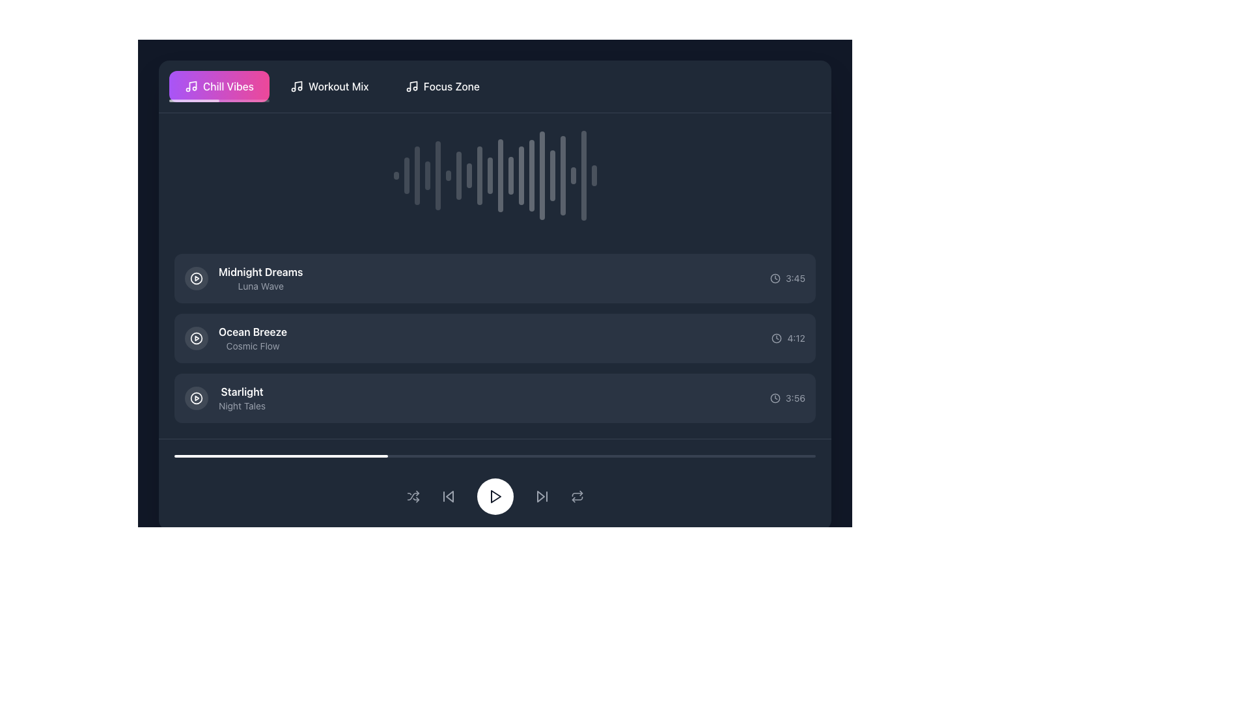  Describe the element at coordinates (329, 86) in the screenshot. I see `the second selectable tab button for 'Workout Mix' located between 'Chill Vibes' and 'Focus Zone' at the top of the interface` at that location.